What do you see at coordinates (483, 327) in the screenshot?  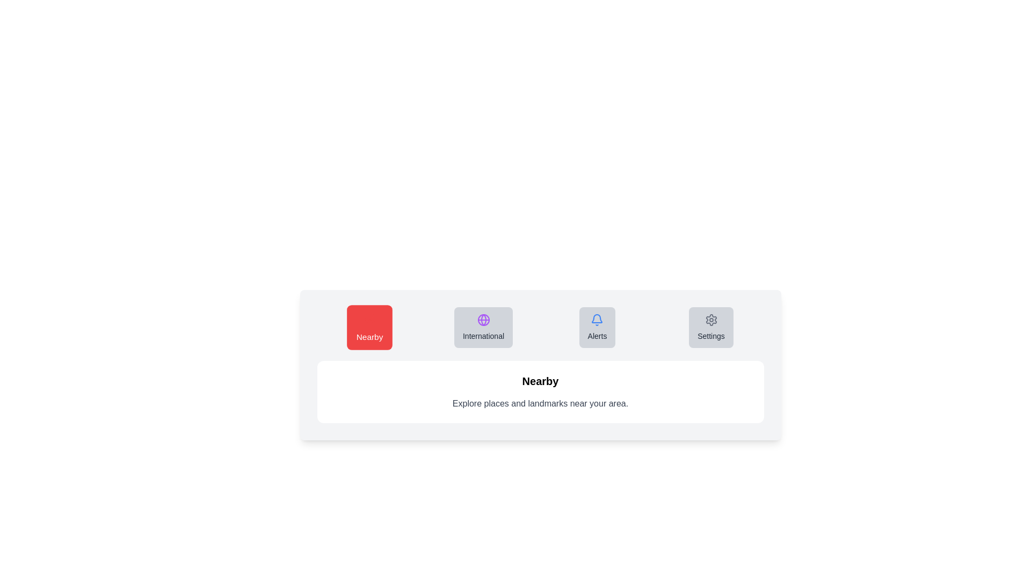 I see `the International tab` at bounding box center [483, 327].